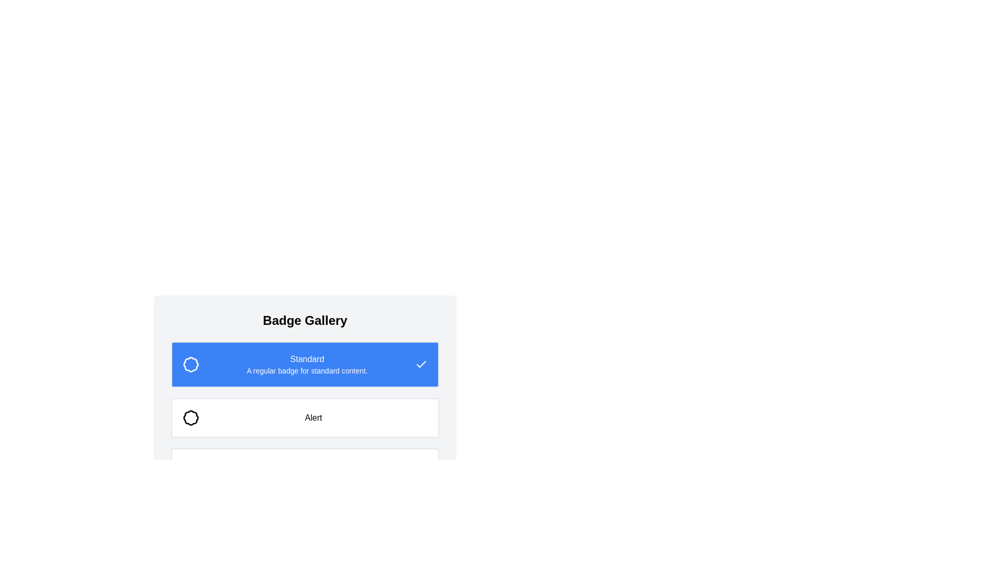 This screenshot has width=1005, height=565. Describe the element at coordinates (191, 364) in the screenshot. I see `the stylized blue badge icon located within the 'Standard' section of the horizontal blue bar at the top of the list` at that location.